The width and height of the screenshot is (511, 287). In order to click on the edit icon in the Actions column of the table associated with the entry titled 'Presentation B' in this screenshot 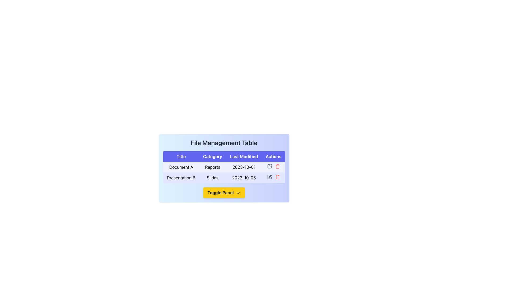, I will do `click(269, 177)`.